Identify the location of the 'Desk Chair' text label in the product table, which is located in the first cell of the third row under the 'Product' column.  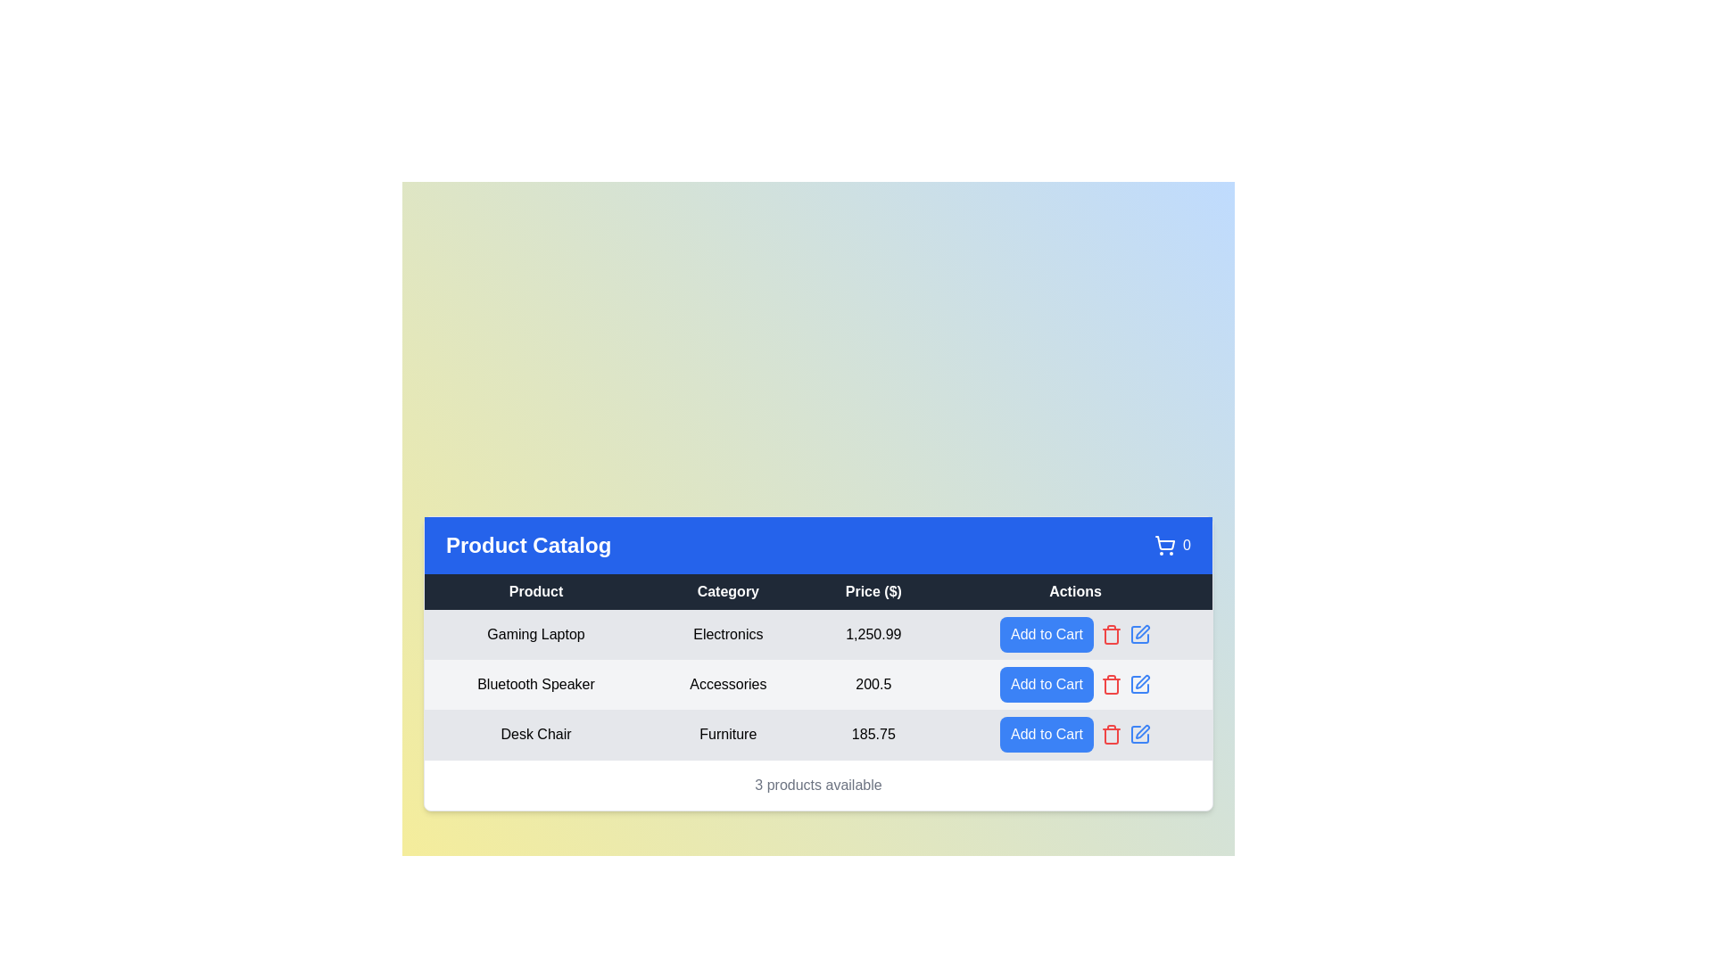
(534, 734).